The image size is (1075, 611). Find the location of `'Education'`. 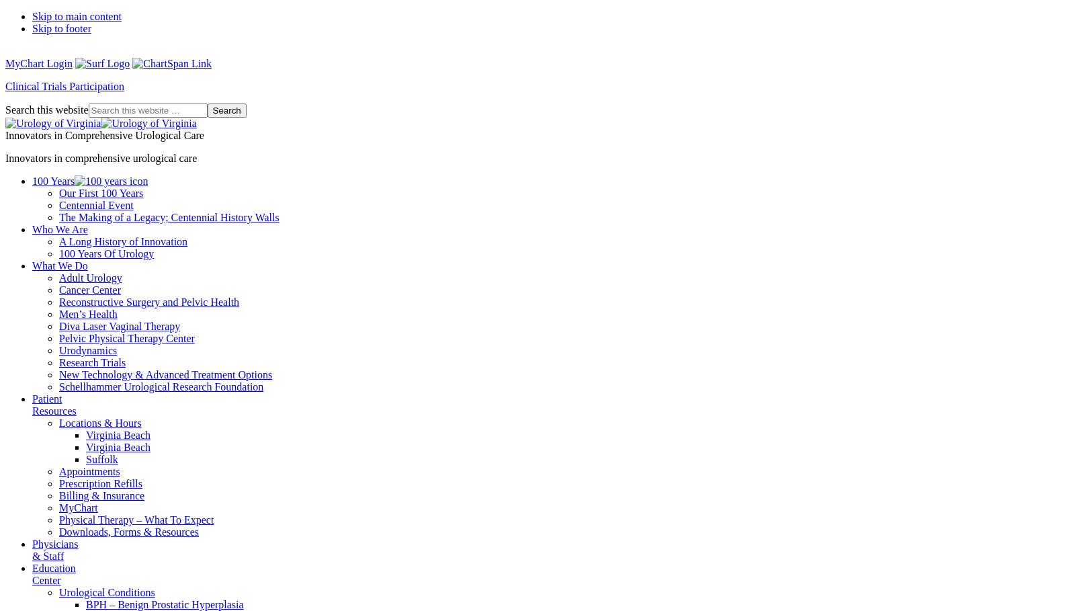

'Education' is located at coordinates (32, 567).